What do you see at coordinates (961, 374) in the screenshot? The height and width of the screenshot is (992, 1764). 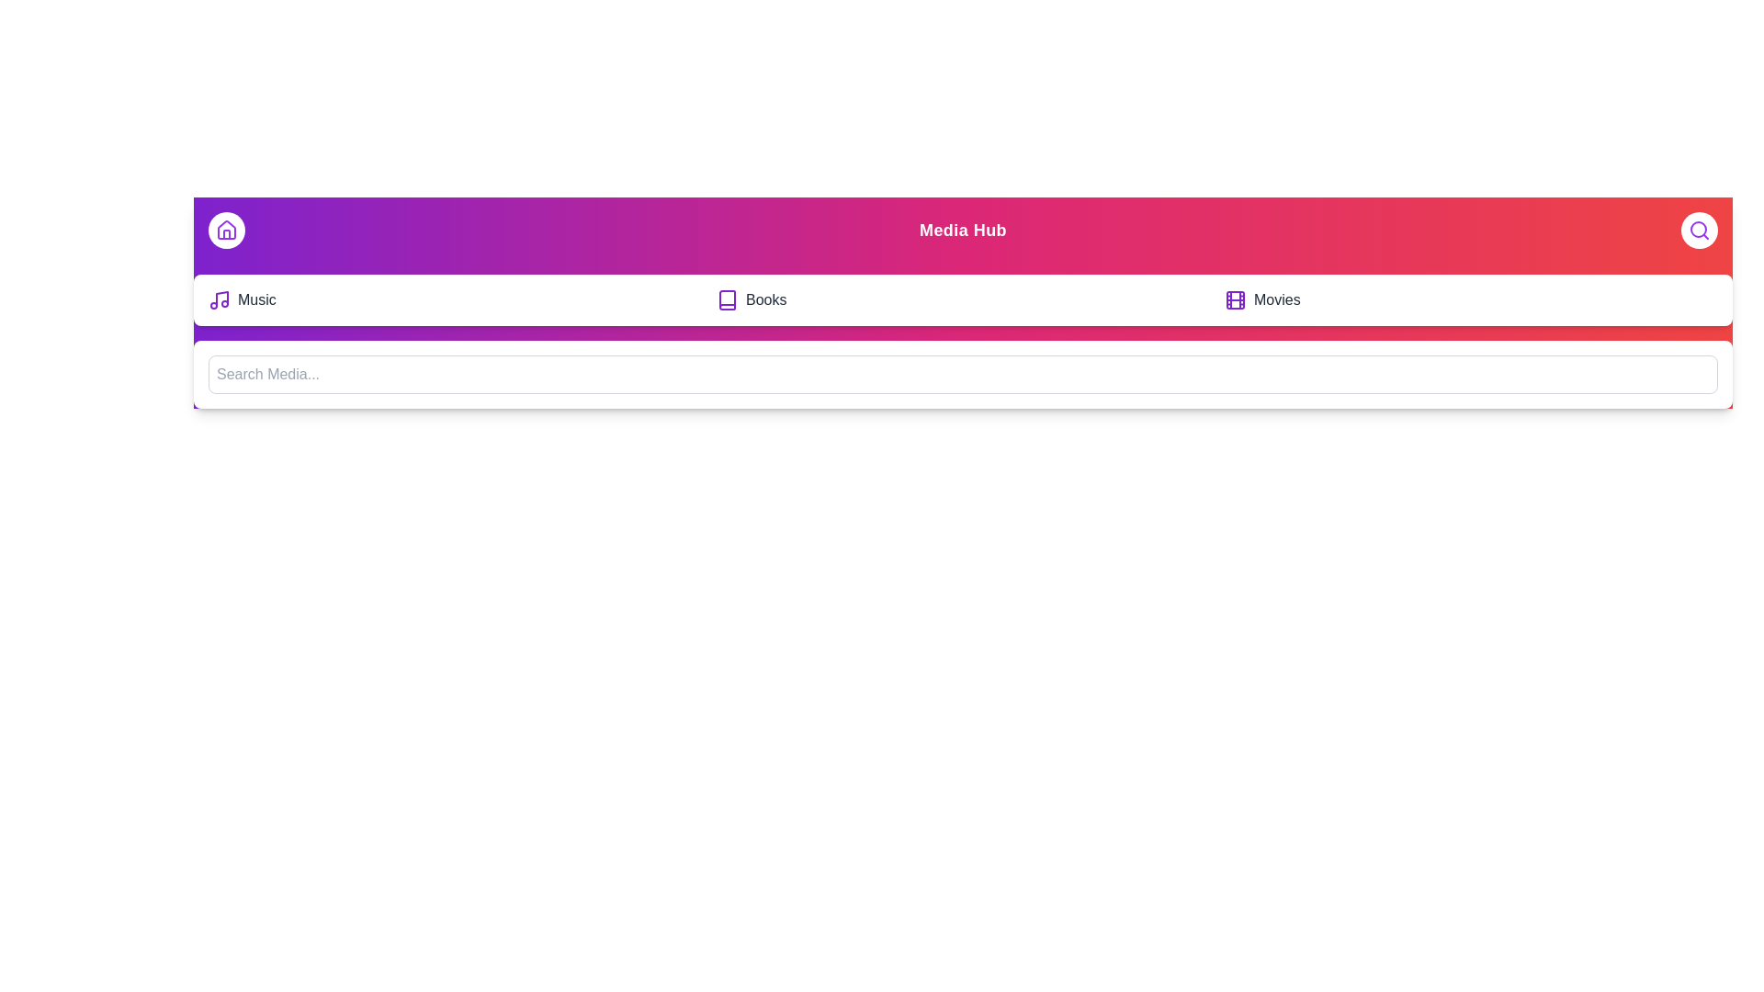 I see `the search input field and type 'Media'` at bounding box center [961, 374].